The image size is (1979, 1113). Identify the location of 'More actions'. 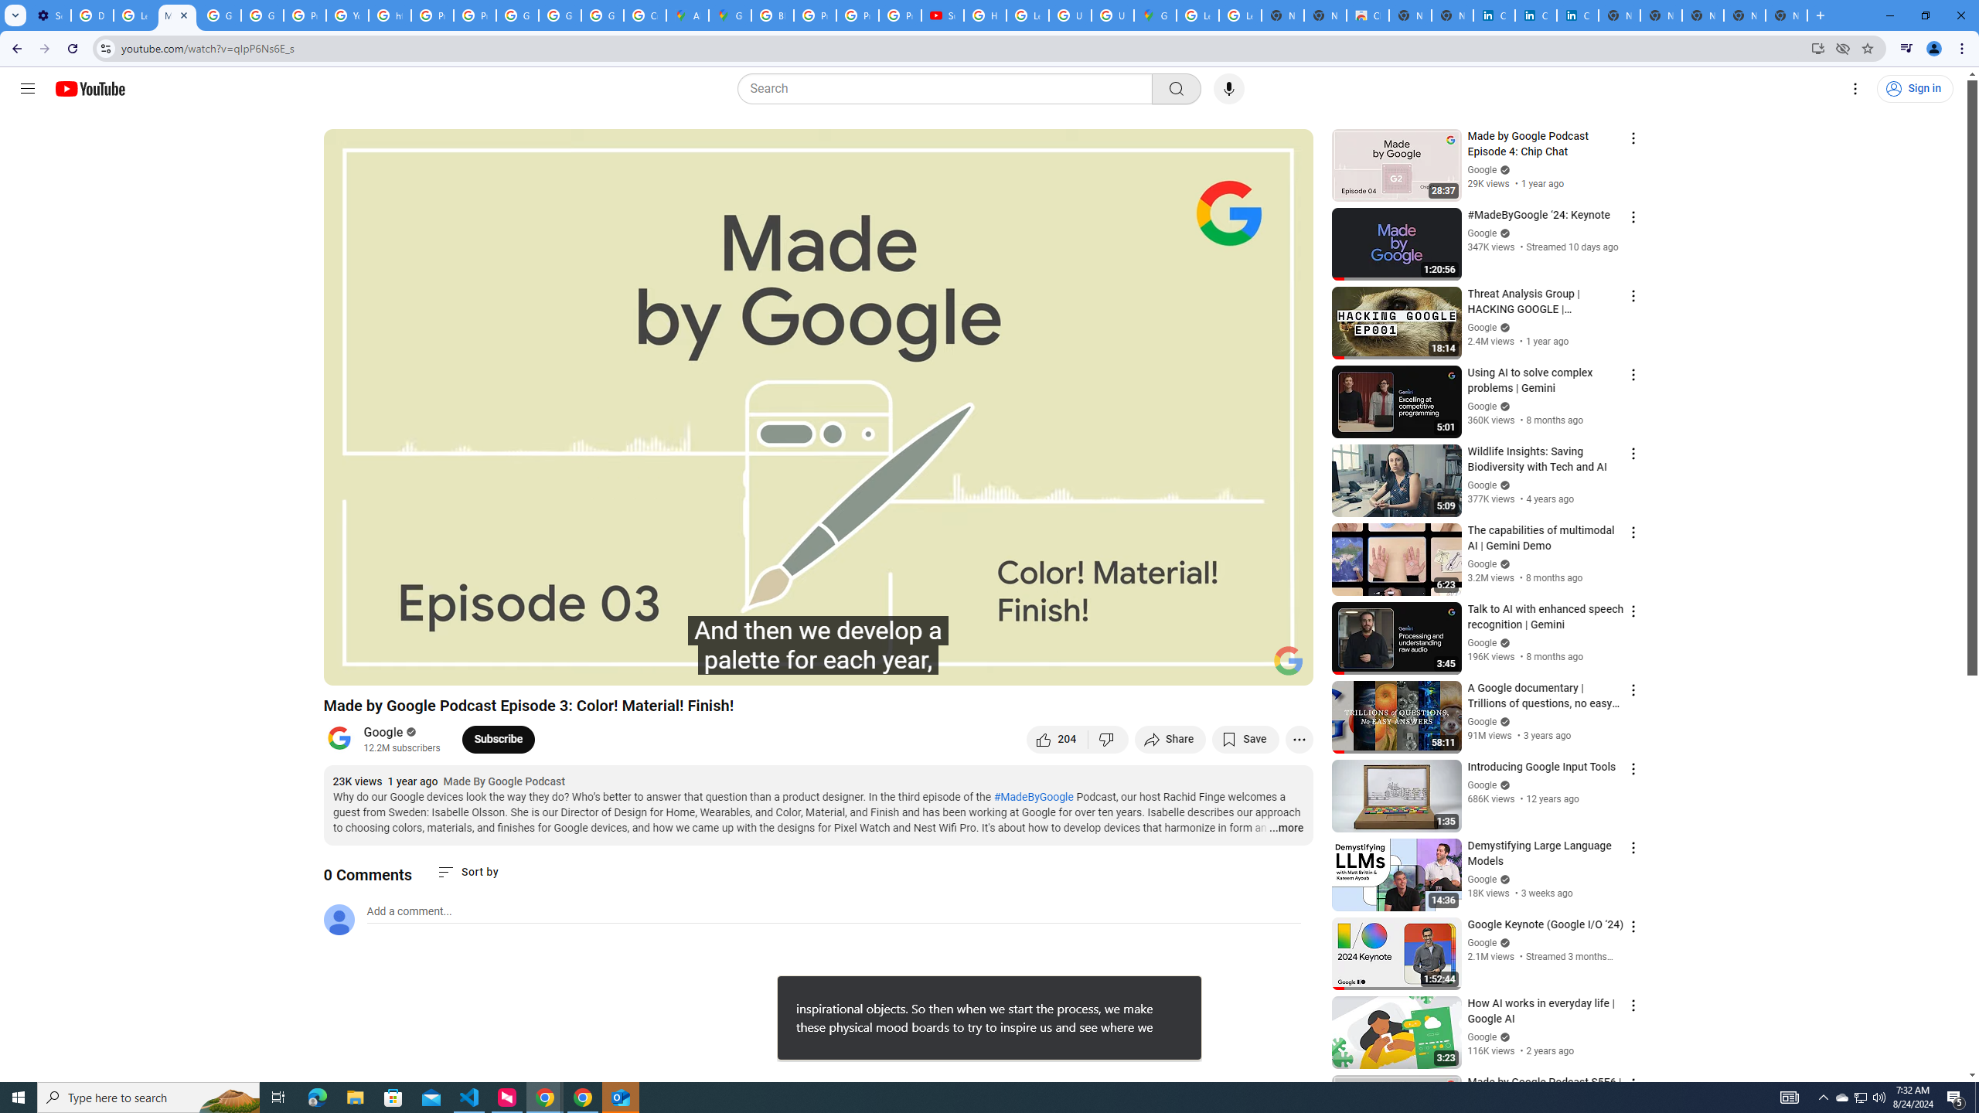
(1298, 738).